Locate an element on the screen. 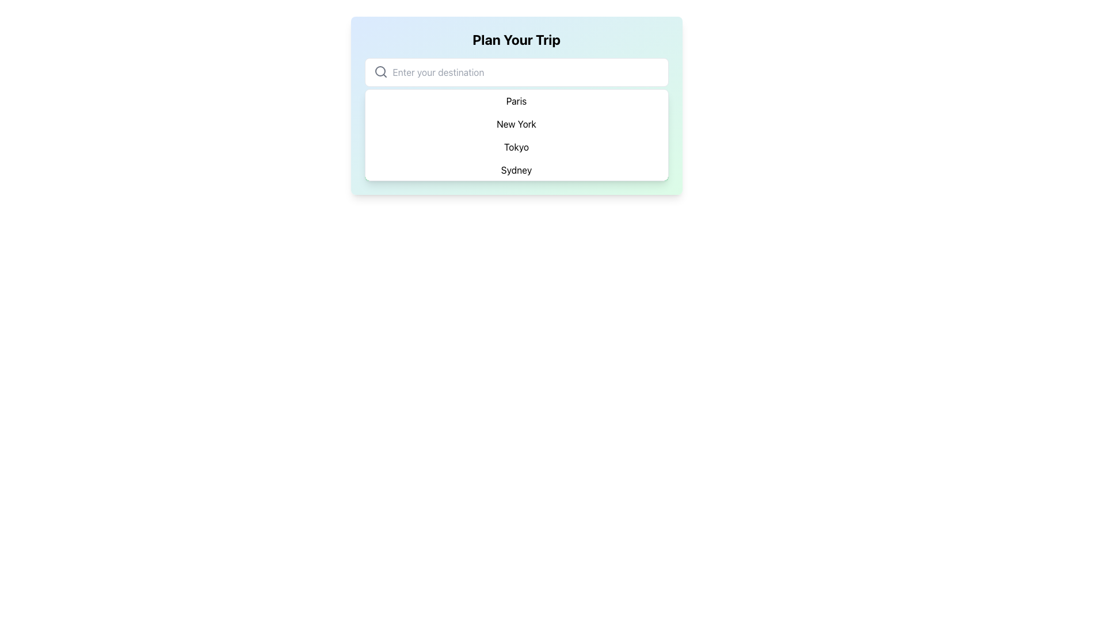 This screenshot has height=621, width=1105. the dropdown list is located at coordinates (516, 135).